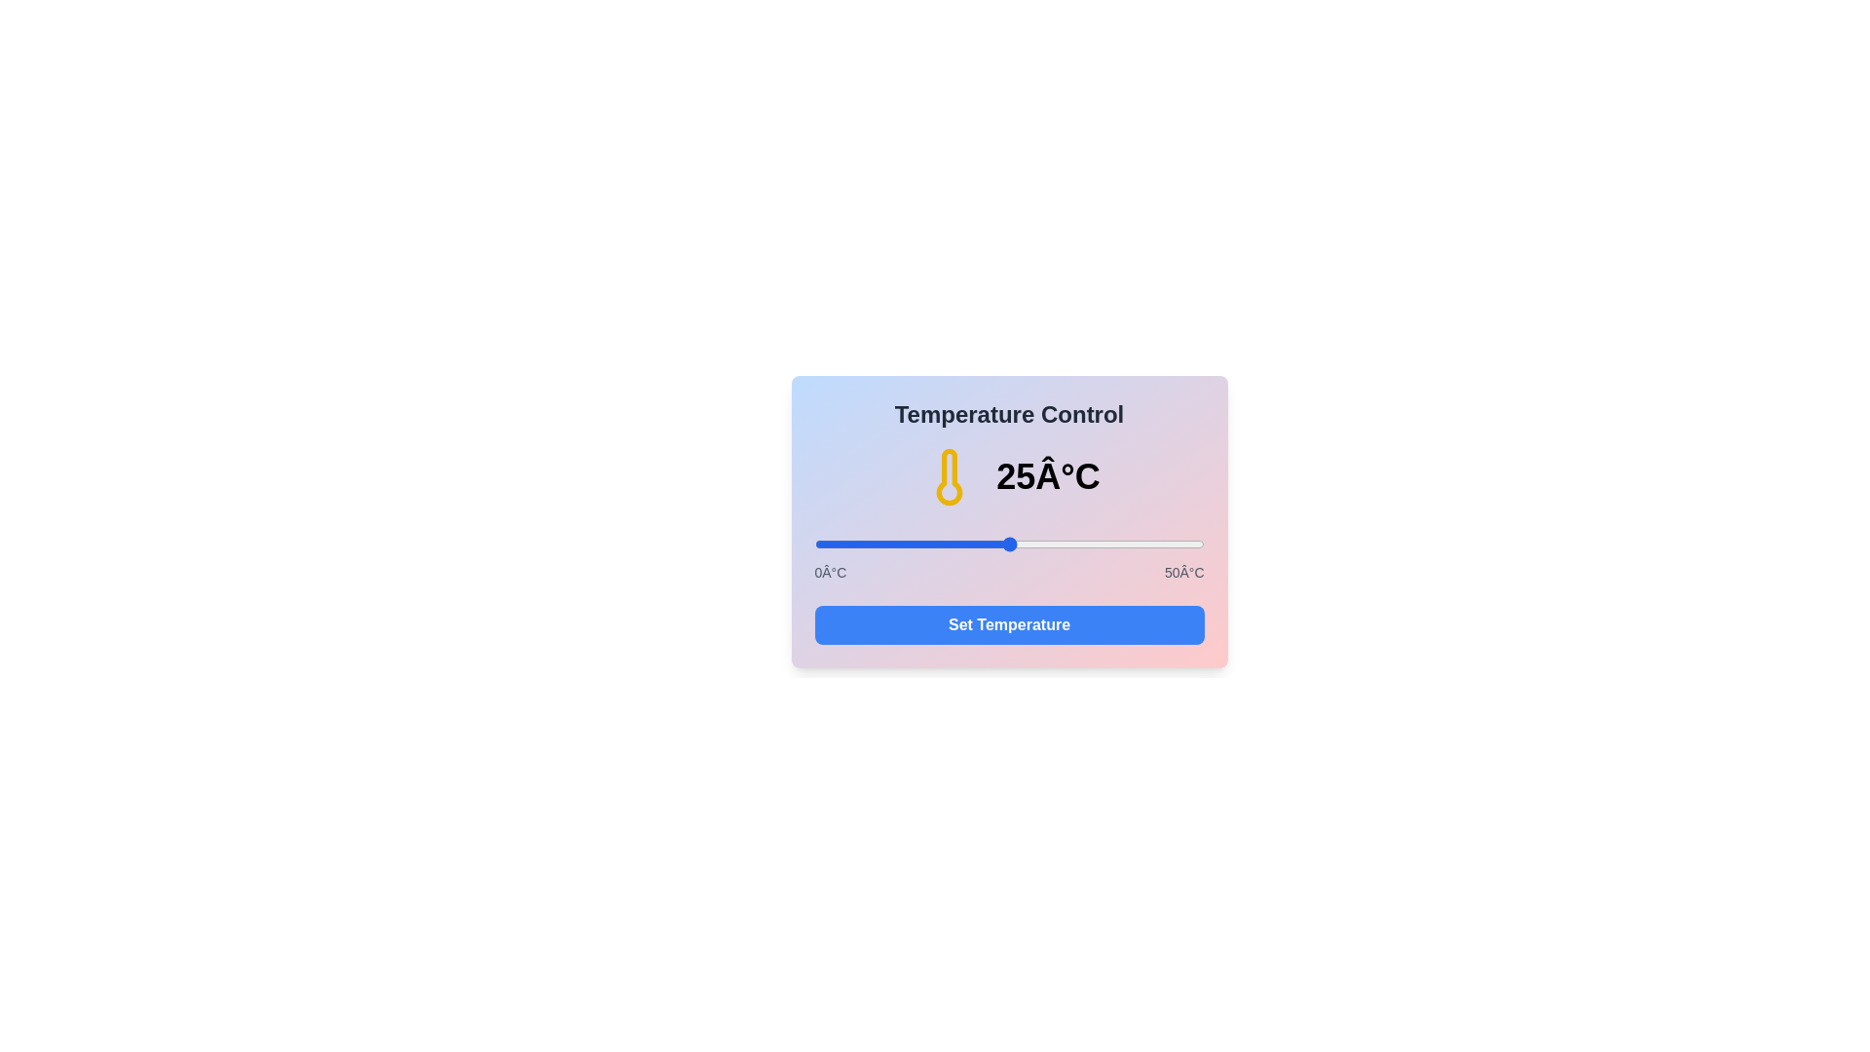 Image resolution: width=1870 pixels, height=1052 pixels. I want to click on the temperature slider to 6°C, so click(860, 545).